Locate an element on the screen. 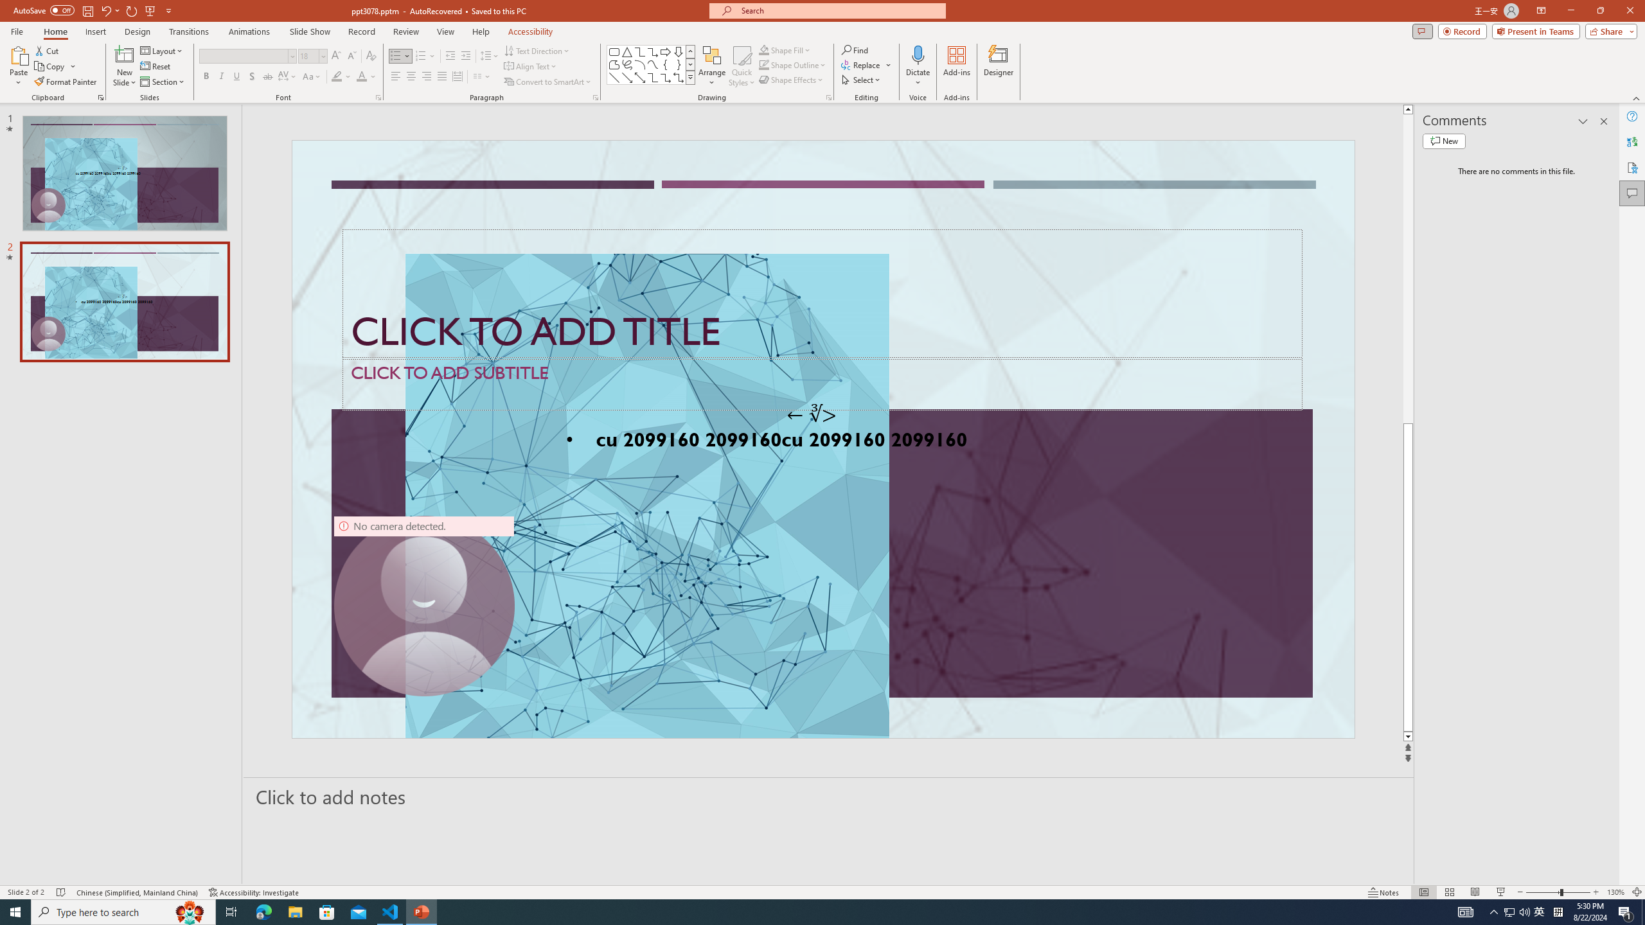  'Minimize' is located at coordinates (1570, 10).